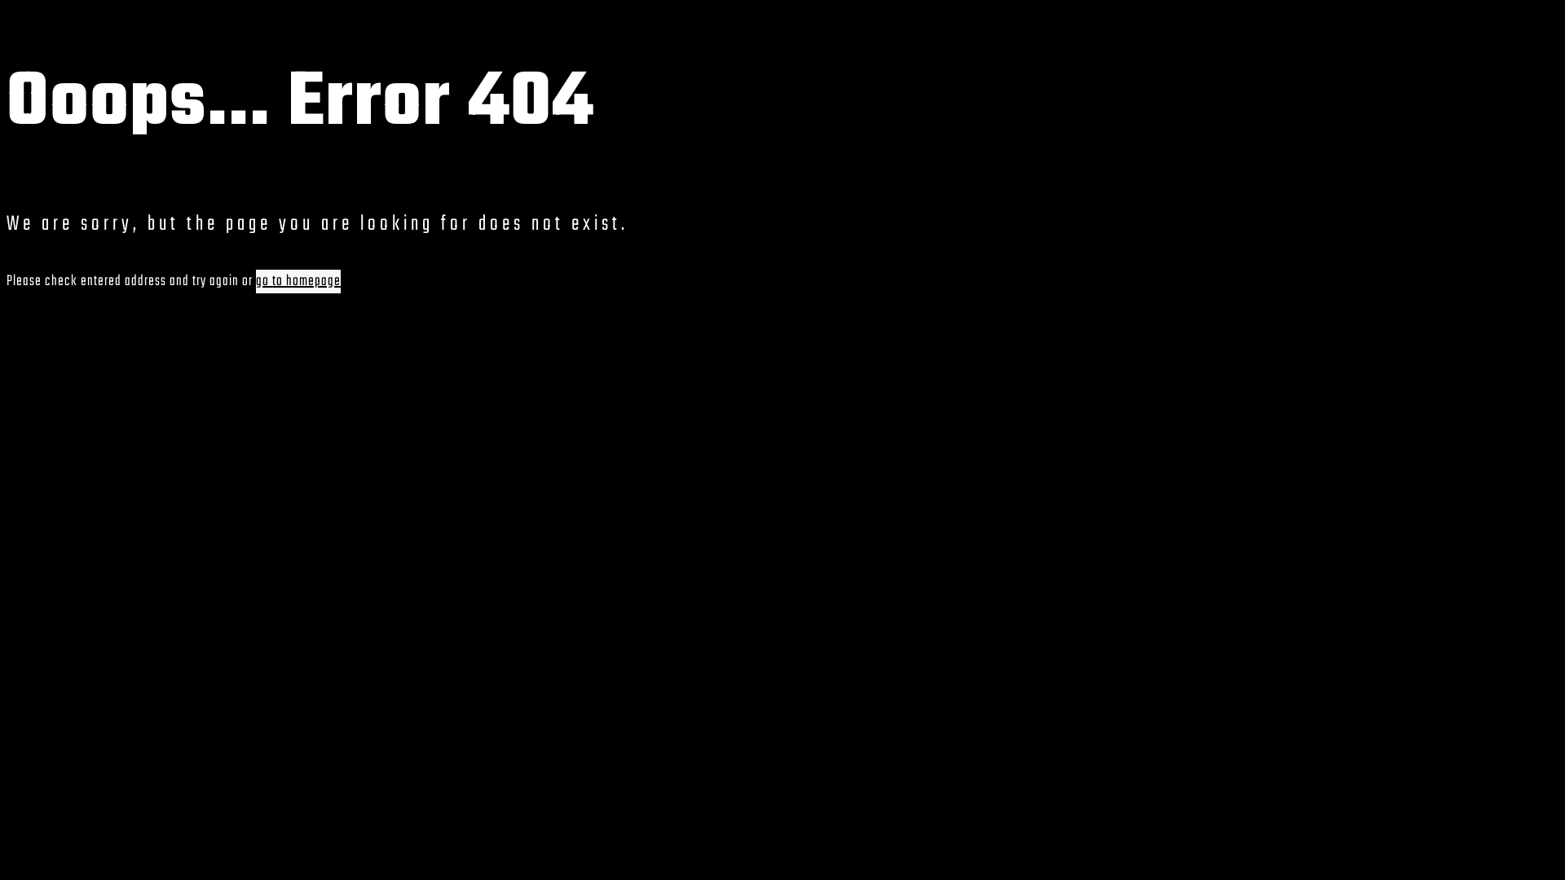 Image resolution: width=1565 pixels, height=880 pixels. Describe the element at coordinates (298, 280) in the screenshot. I see `'go to homepage'` at that location.